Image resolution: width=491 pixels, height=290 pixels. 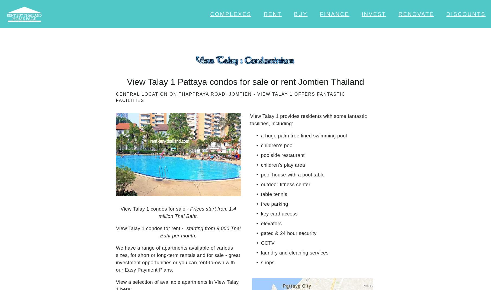 I want to click on 'View Talay 1', so click(x=133, y=184).